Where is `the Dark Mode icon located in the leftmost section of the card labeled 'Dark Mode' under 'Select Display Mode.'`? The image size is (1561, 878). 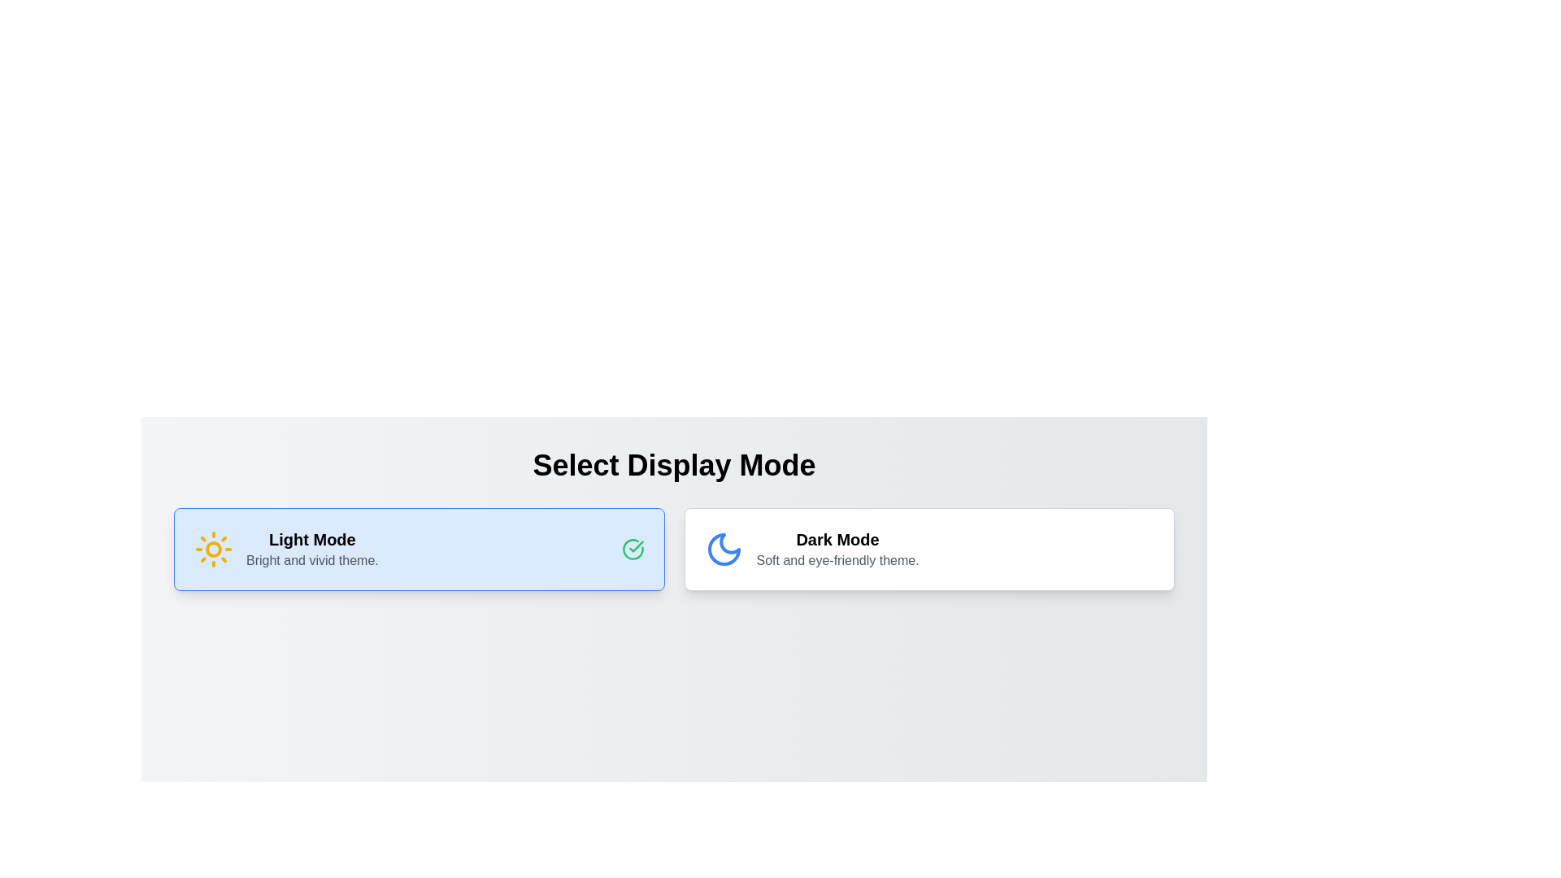
the Dark Mode icon located in the leftmost section of the card labeled 'Dark Mode' under 'Select Display Mode.' is located at coordinates (723, 549).